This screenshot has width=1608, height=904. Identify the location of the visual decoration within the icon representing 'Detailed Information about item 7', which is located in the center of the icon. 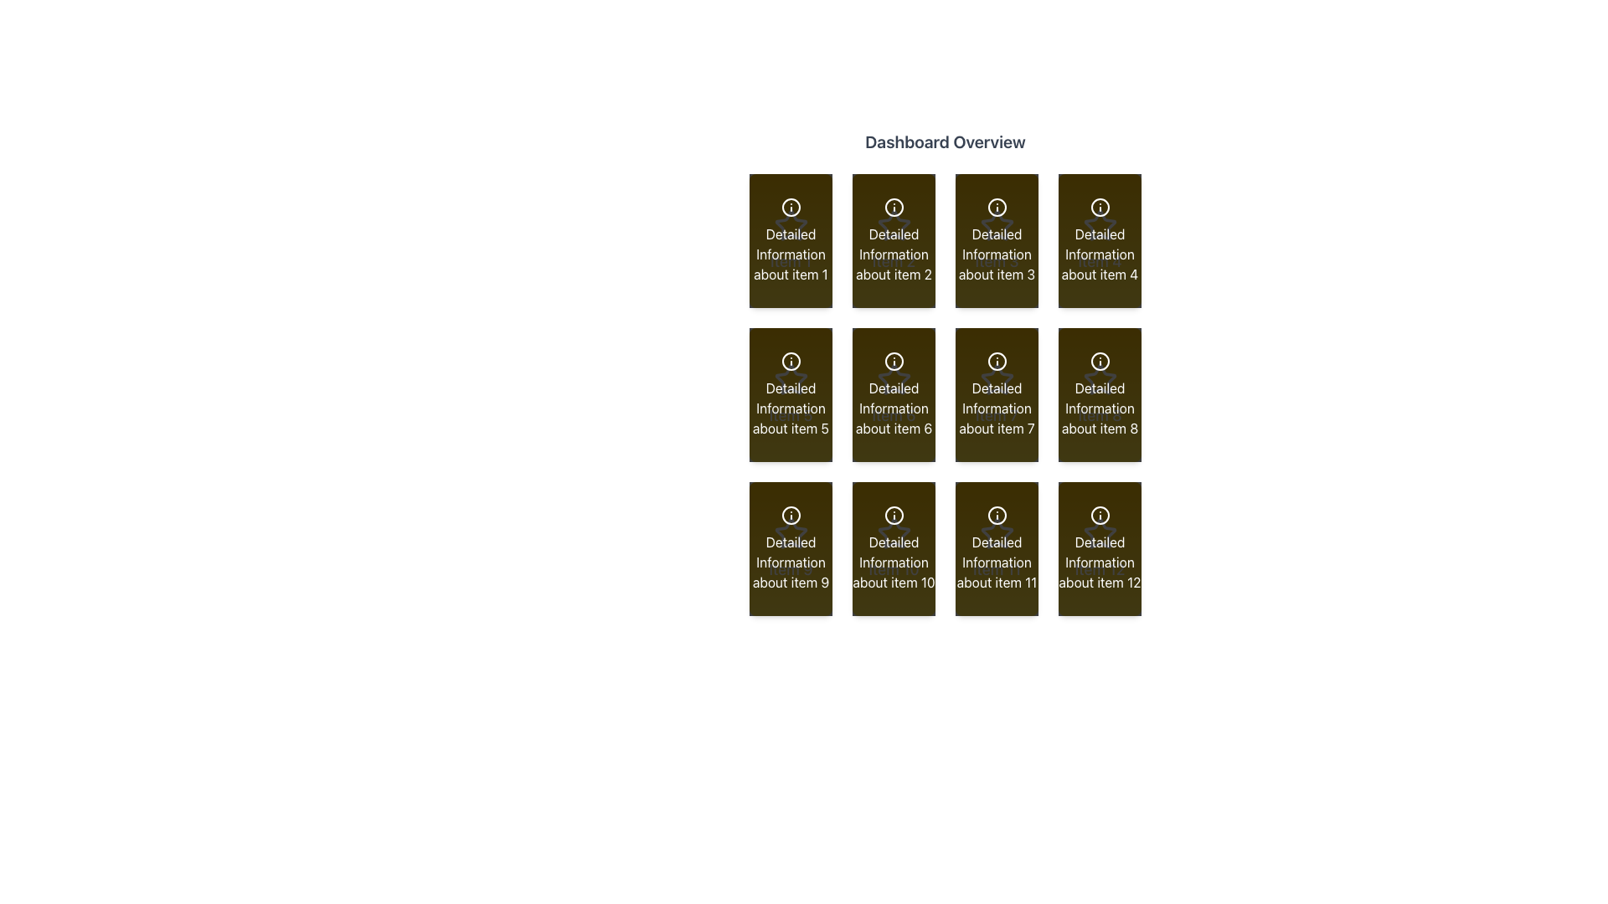
(997, 361).